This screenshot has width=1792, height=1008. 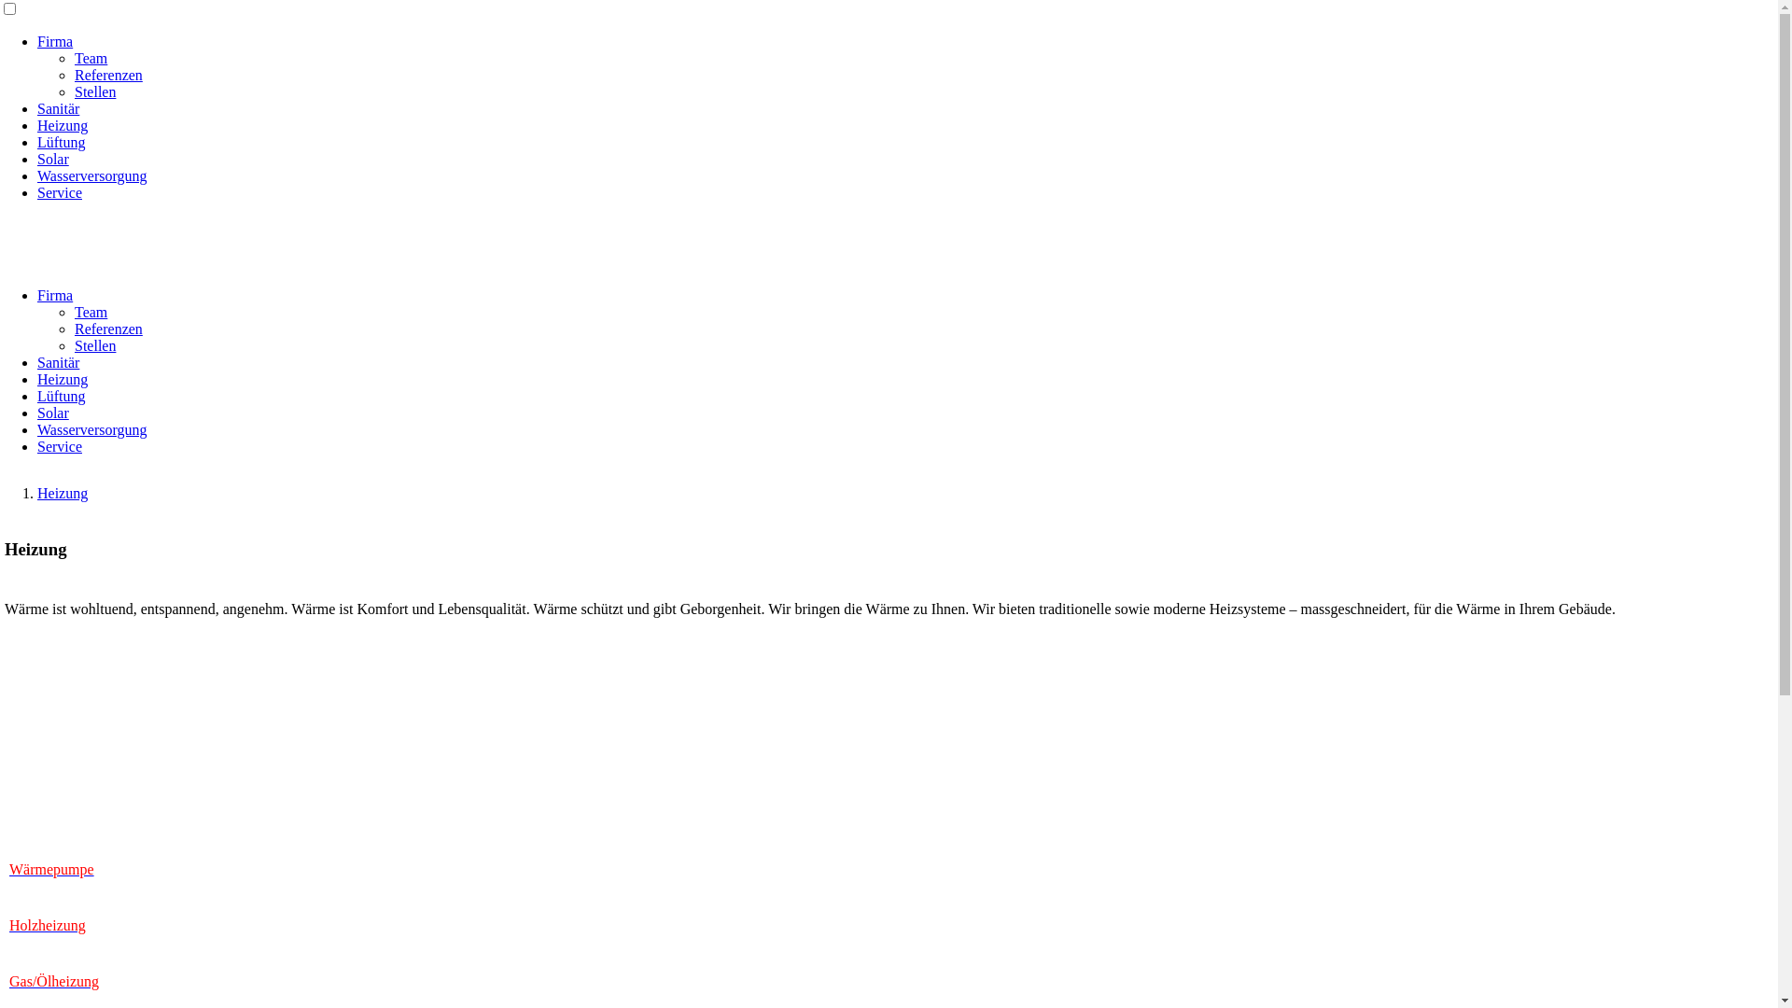 What do you see at coordinates (54, 294) in the screenshot?
I see `'Firma'` at bounding box center [54, 294].